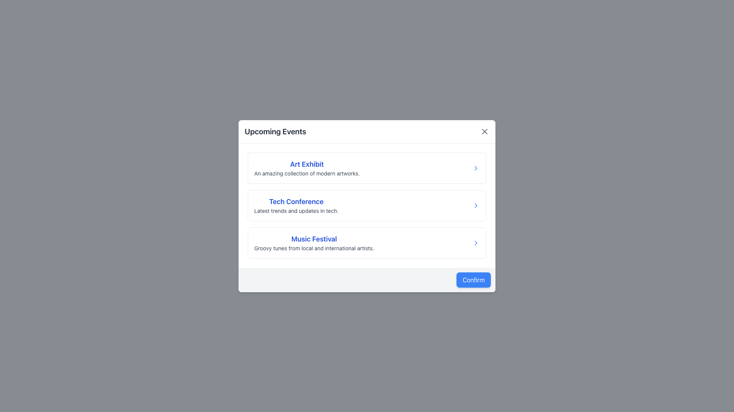  I want to click on the close button in the top-right corner of the popup to change its color, so click(484, 131).